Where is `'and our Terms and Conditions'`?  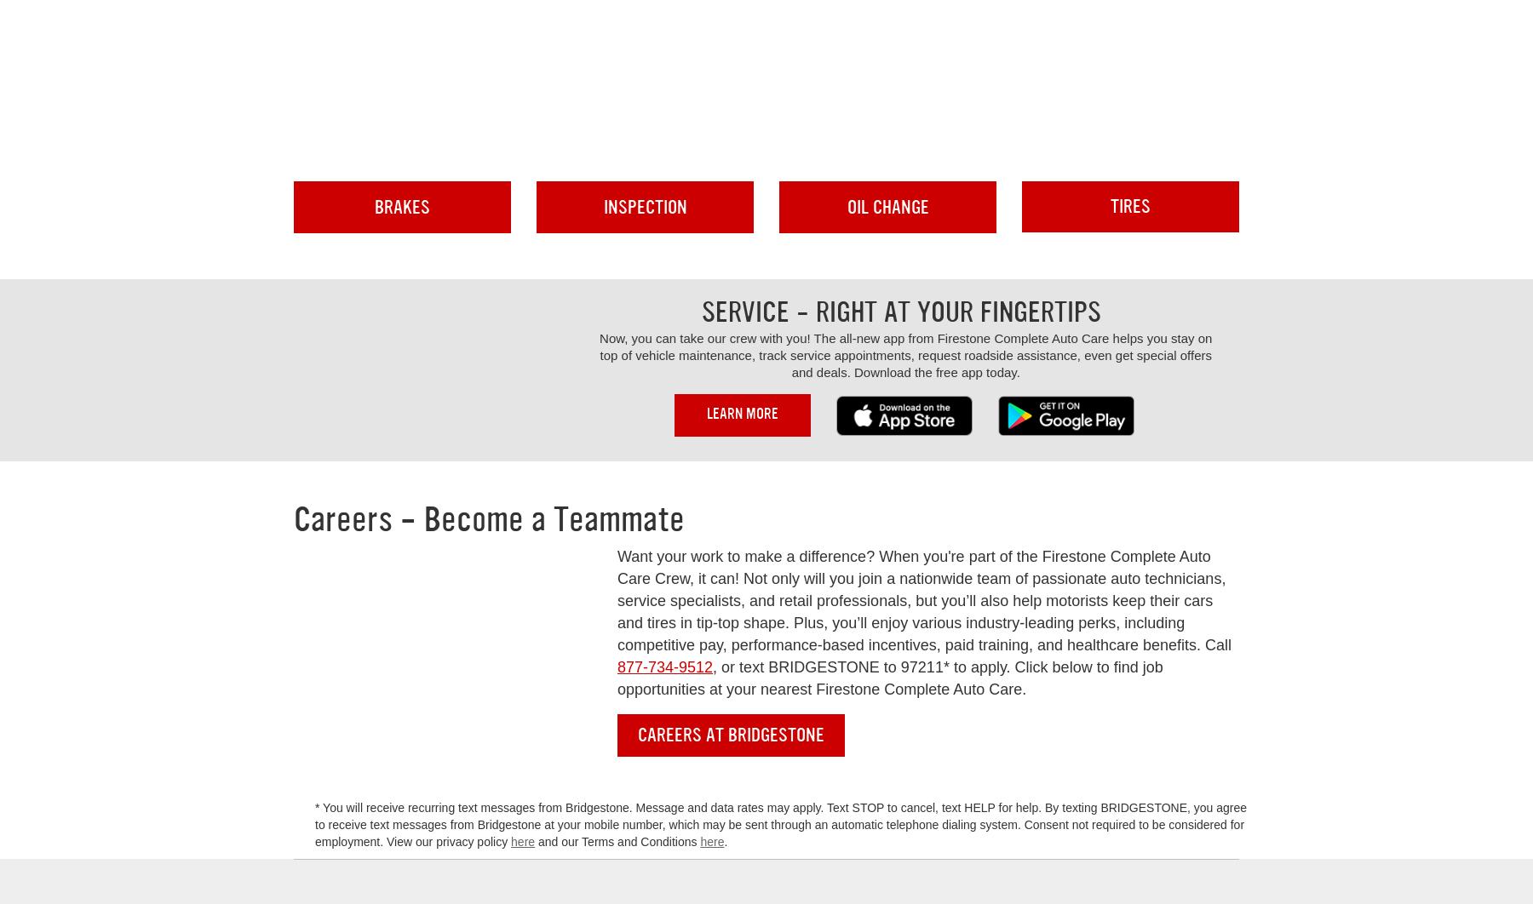
'and our Terms and Conditions' is located at coordinates (617, 841).